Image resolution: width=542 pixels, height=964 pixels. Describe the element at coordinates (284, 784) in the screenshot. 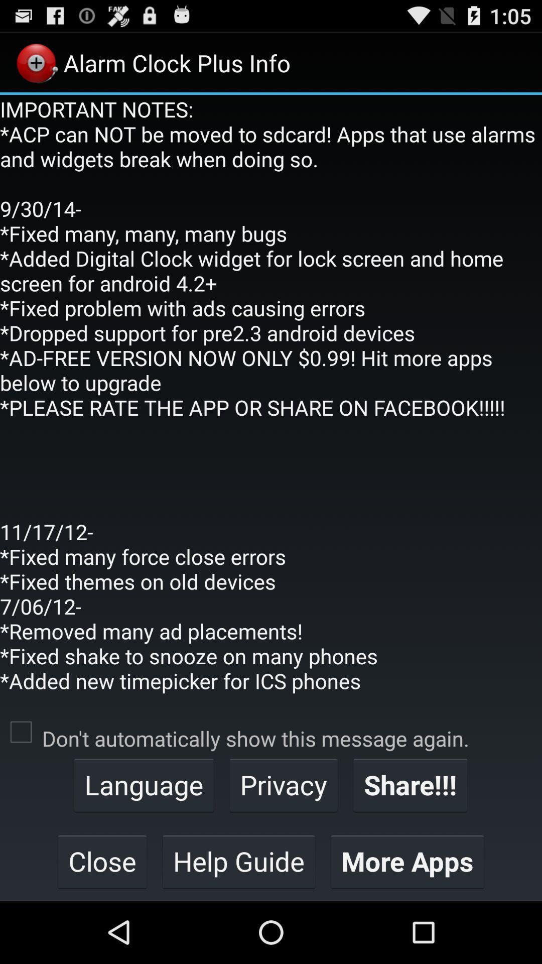

I see `the app below don t automatically` at that location.